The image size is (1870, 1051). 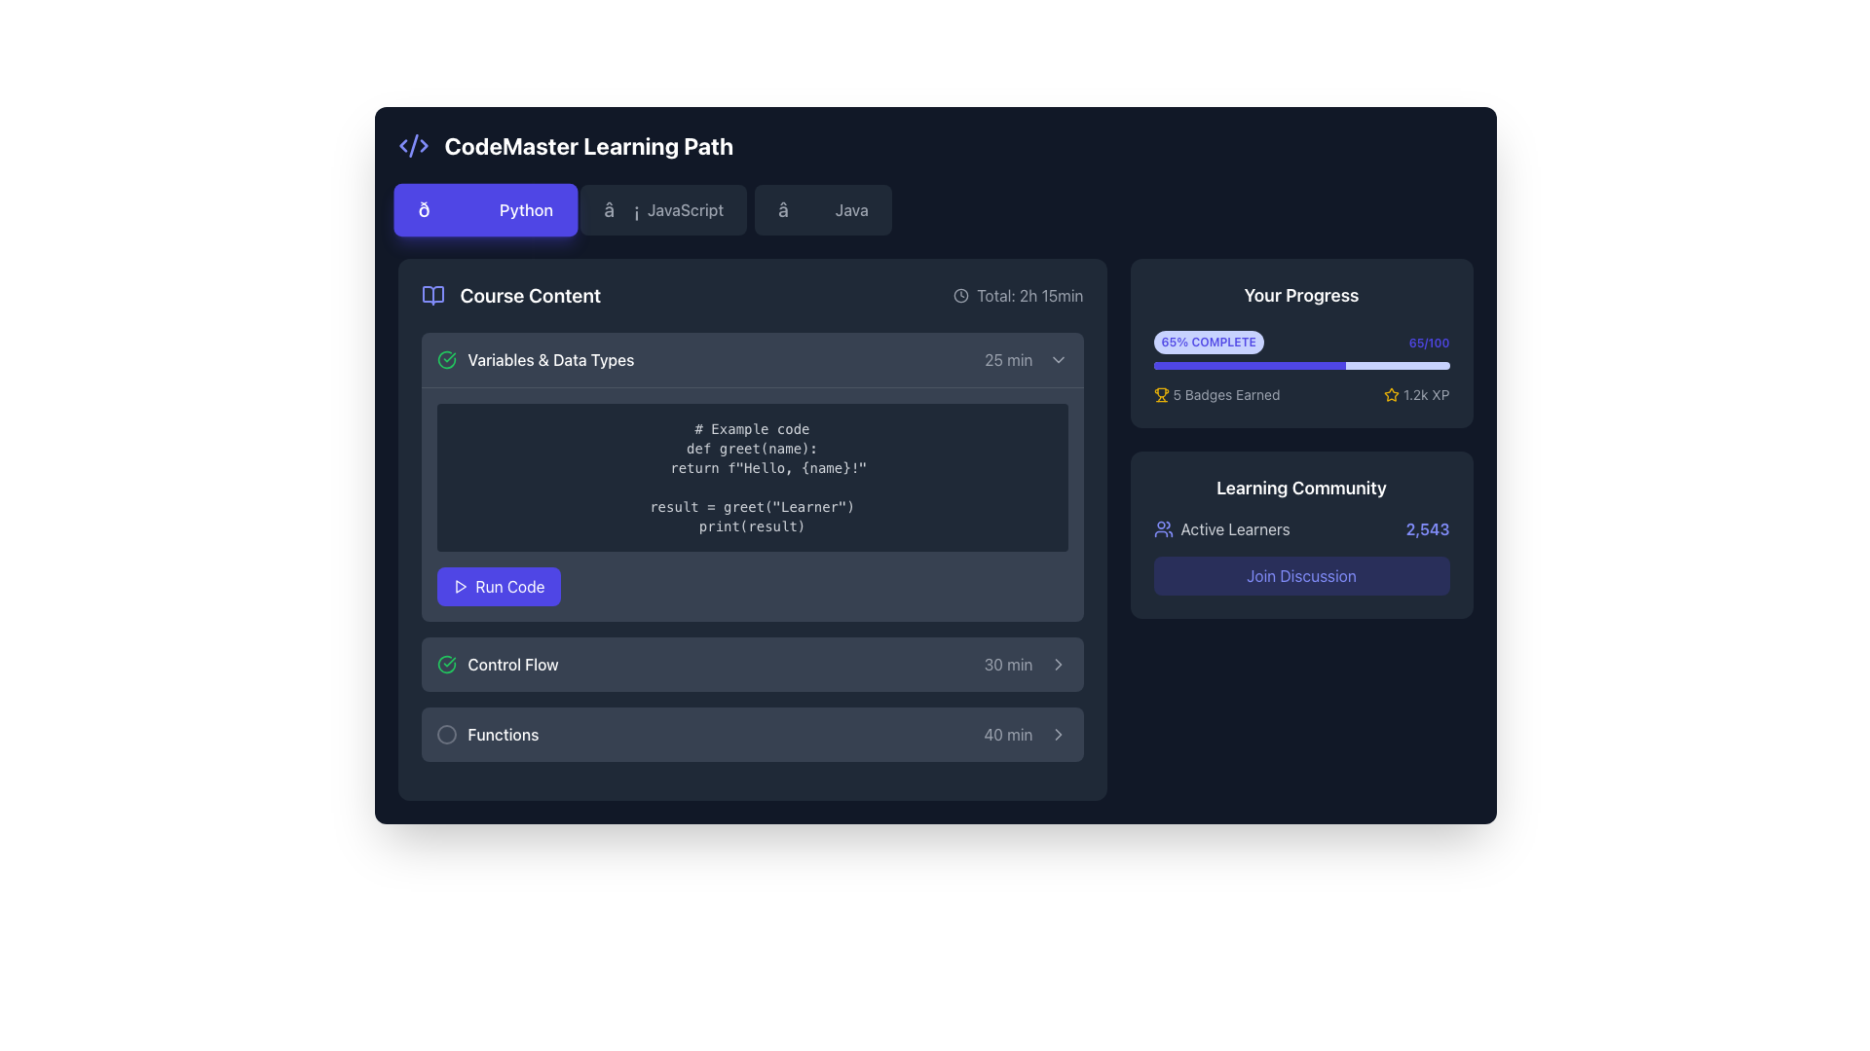 I want to click on the Code block display element located, so click(x=751, y=477).